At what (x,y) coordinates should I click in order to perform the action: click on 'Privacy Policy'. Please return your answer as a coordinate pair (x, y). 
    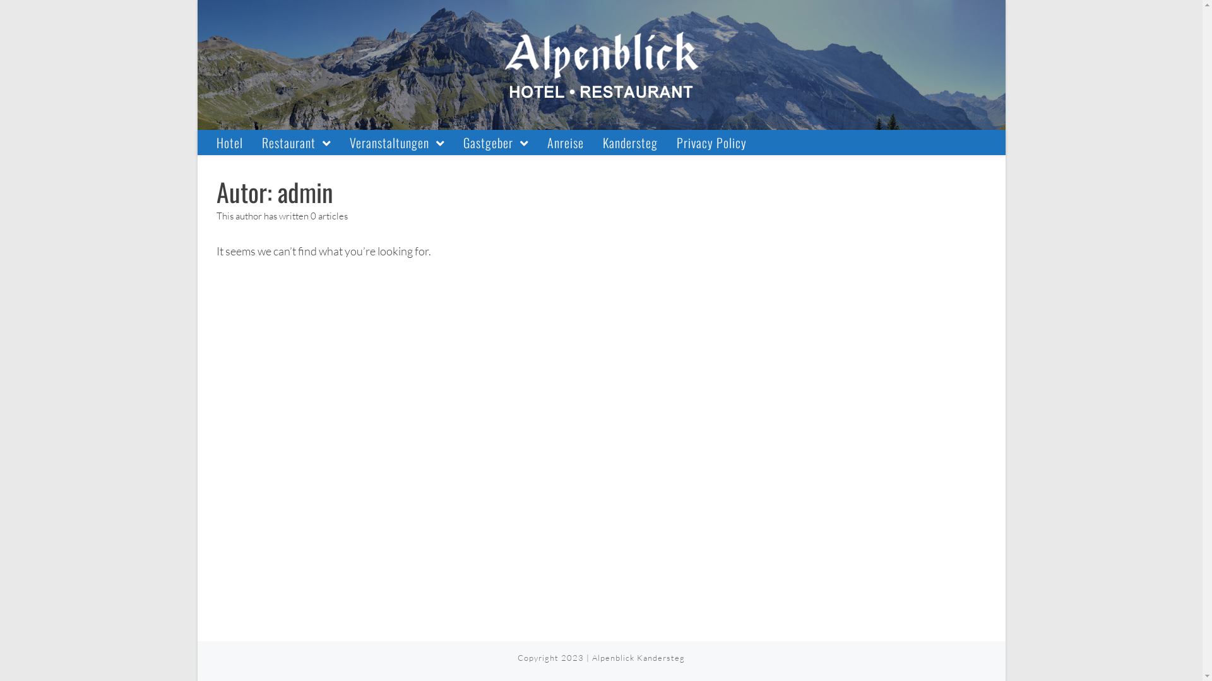
    Looking at the image, I should click on (711, 142).